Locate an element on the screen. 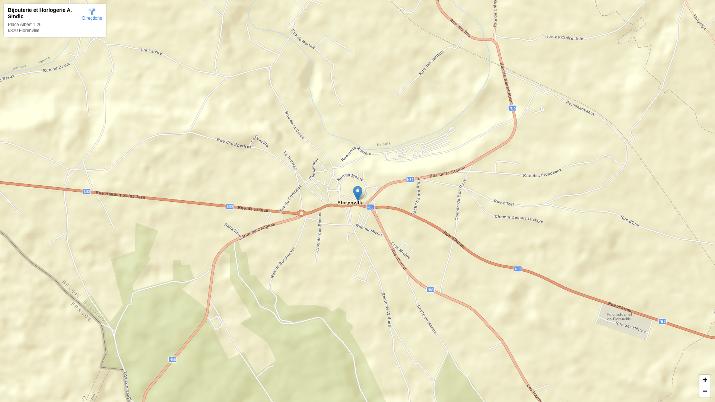 This screenshot has height=402, width=715. '+' is located at coordinates (704, 380).